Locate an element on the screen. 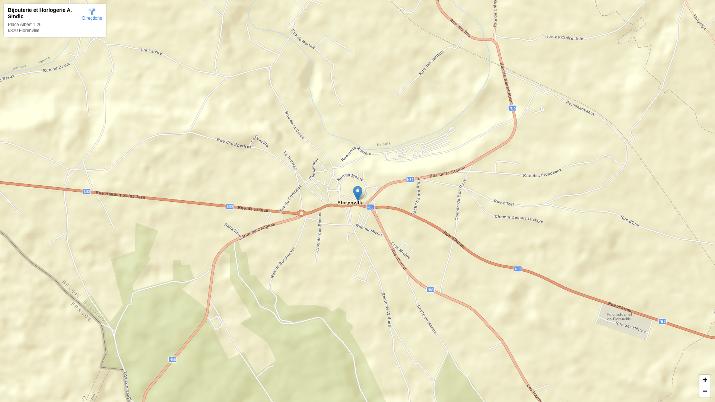 This screenshot has height=402, width=715. '+' is located at coordinates (704, 380).